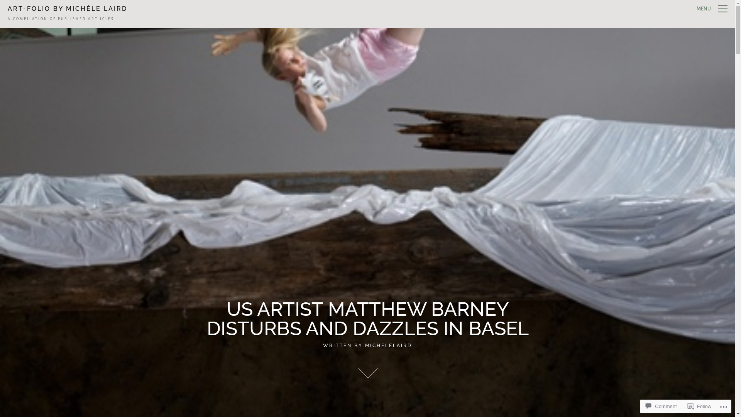 The height and width of the screenshot is (417, 741). I want to click on 'Comment', so click(643, 406).